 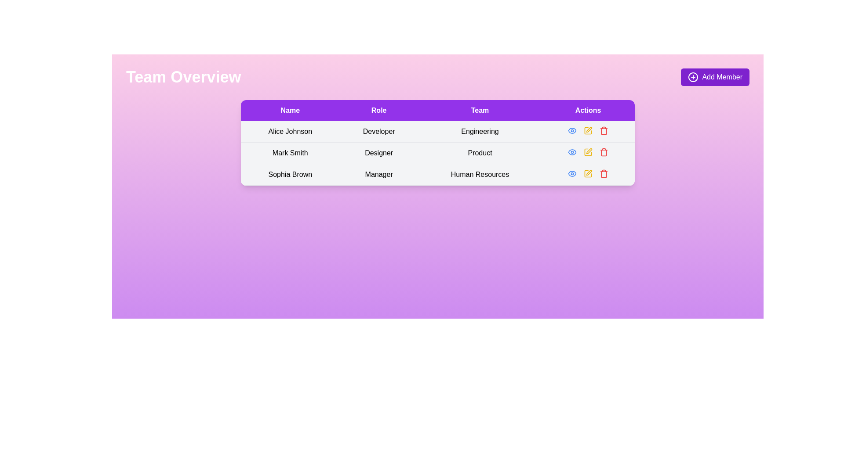 I want to click on the 'Role' text label for 'Alice Johnson' in the first data row of the table, which indicates the individual's role, so click(x=379, y=132).